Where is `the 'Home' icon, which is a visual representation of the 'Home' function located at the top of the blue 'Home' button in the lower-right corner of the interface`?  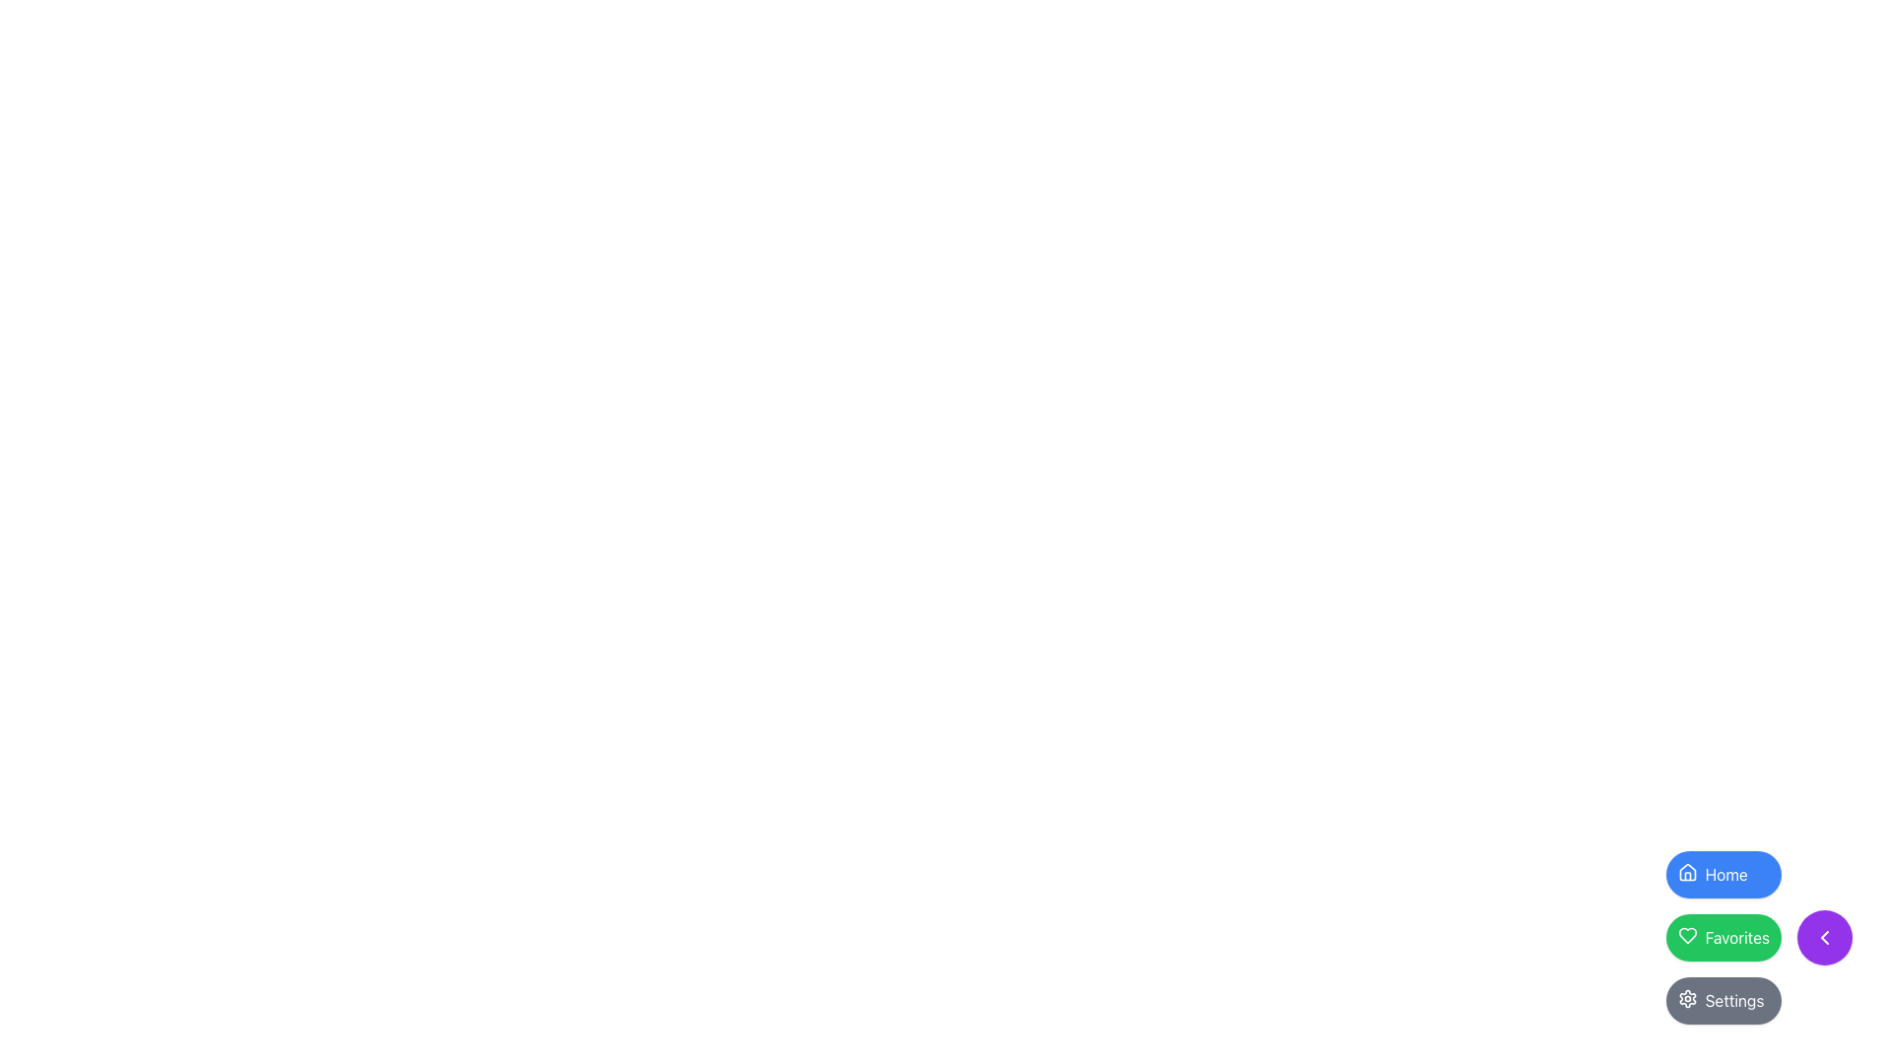 the 'Home' icon, which is a visual representation of the 'Home' function located at the top of the blue 'Home' button in the lower-right corner of the interface is located at coordinates (1686, 872).